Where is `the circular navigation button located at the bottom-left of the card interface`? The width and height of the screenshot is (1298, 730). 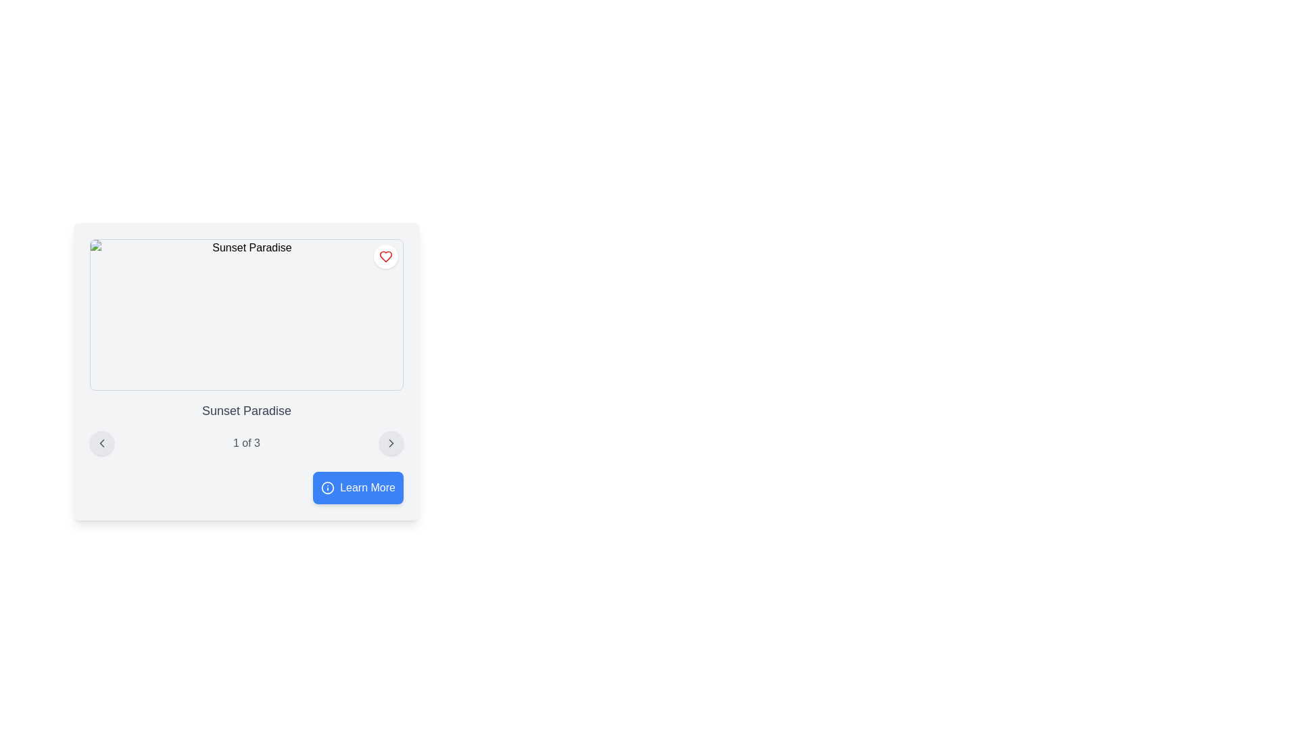 the circular navigation button located at the bottom-left of the card interface is located at coordinates (101, 443).